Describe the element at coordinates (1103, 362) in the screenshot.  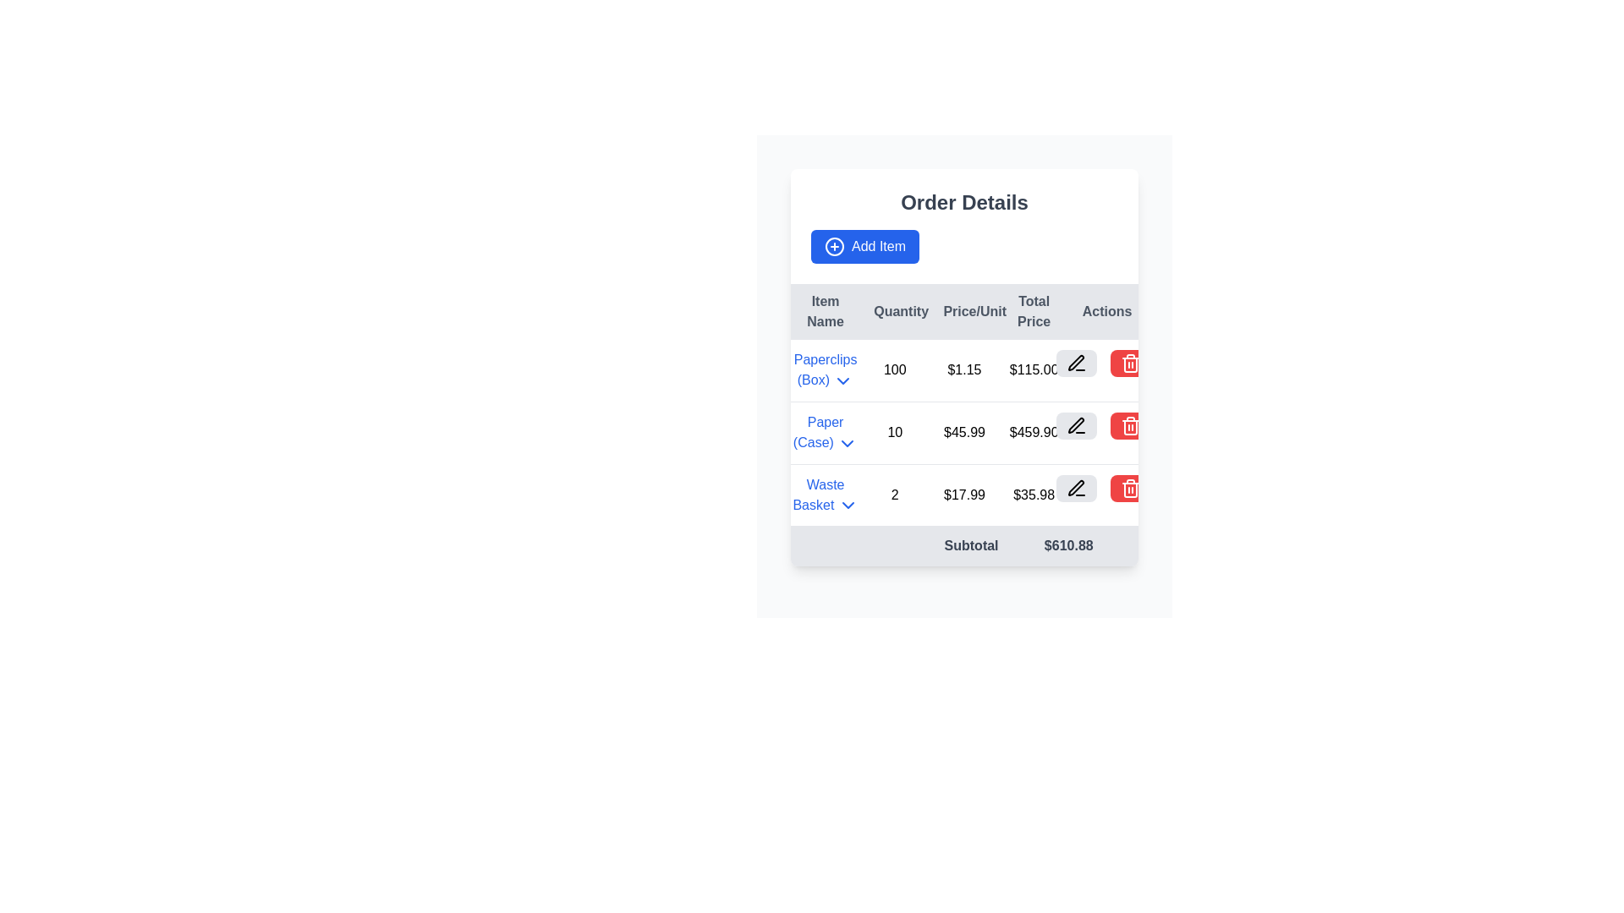
I see `the Edit button in the Grouped action buttons for the 'Paperclips (Box)' entry located in the Actions column of the first row` at that location.